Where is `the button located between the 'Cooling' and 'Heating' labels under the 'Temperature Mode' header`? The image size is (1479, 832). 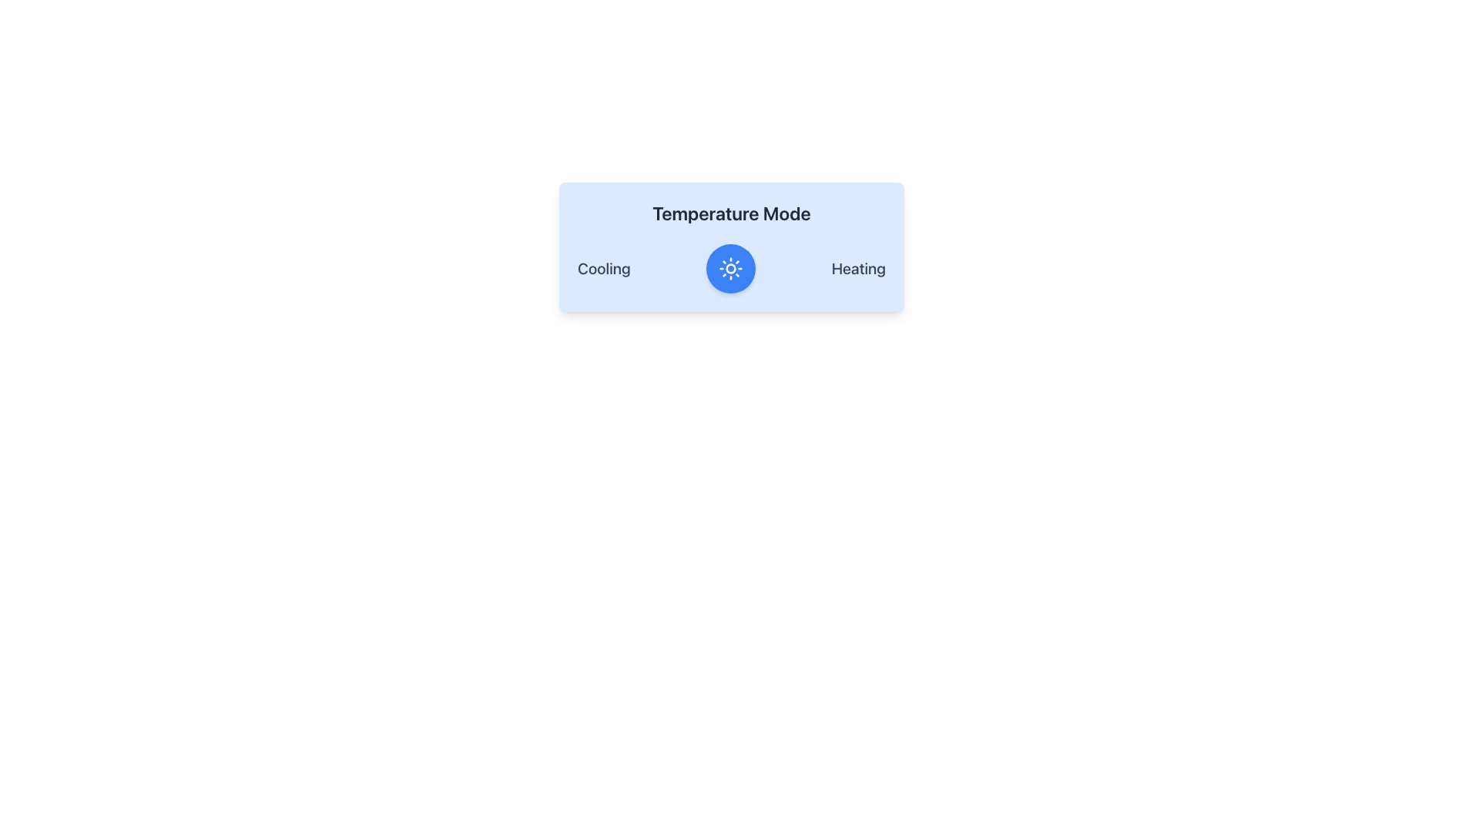 the button located between the 'Cooling' and 'Heating' labels under the 'Temperature Mode' header is located at coordinates (730, 267).